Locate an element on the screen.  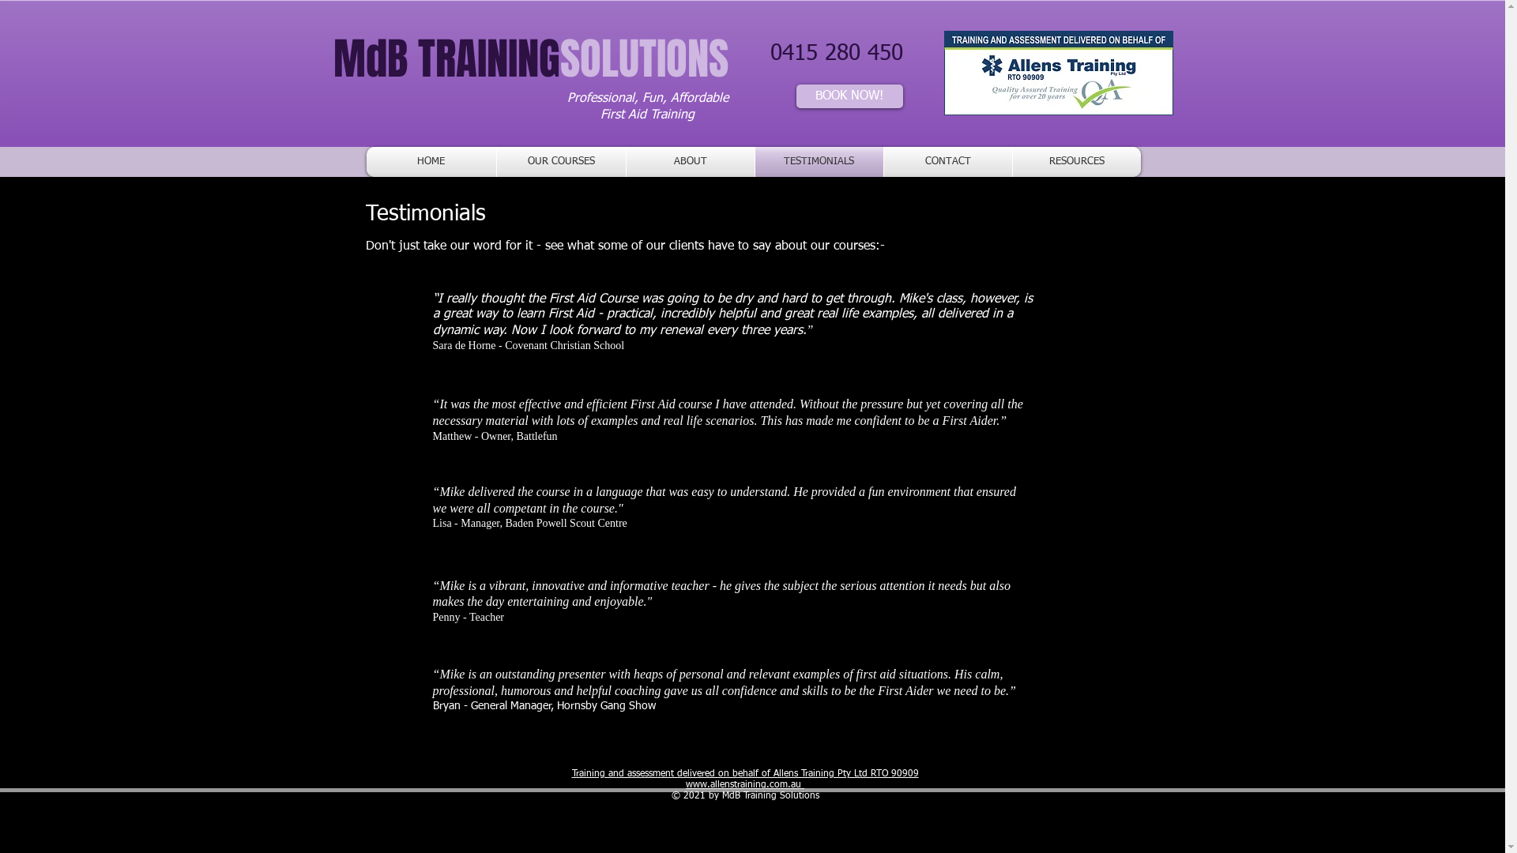
'ABOUT' is located at coordinates (690, 161).